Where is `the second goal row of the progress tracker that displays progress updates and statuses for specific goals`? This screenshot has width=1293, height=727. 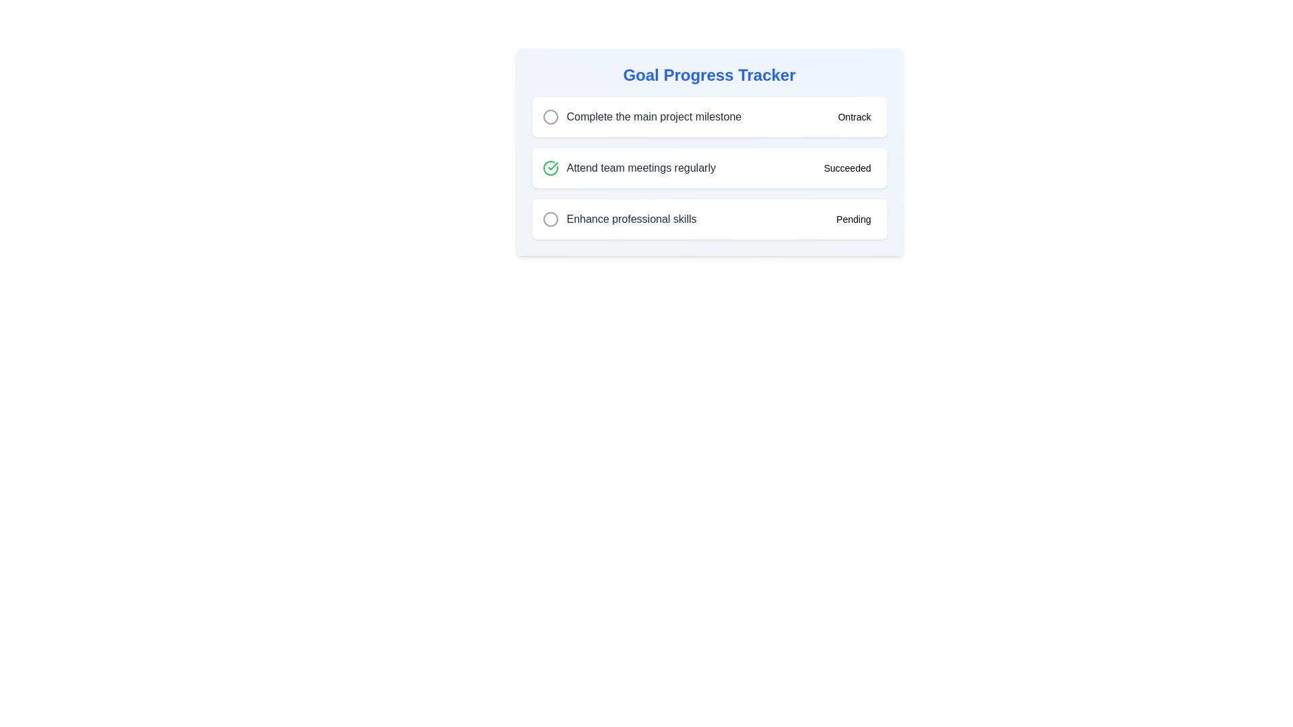 the second goal row of the progress tracker that displays progress updates and statuses for specific goals is located at coordinates (708, 158).